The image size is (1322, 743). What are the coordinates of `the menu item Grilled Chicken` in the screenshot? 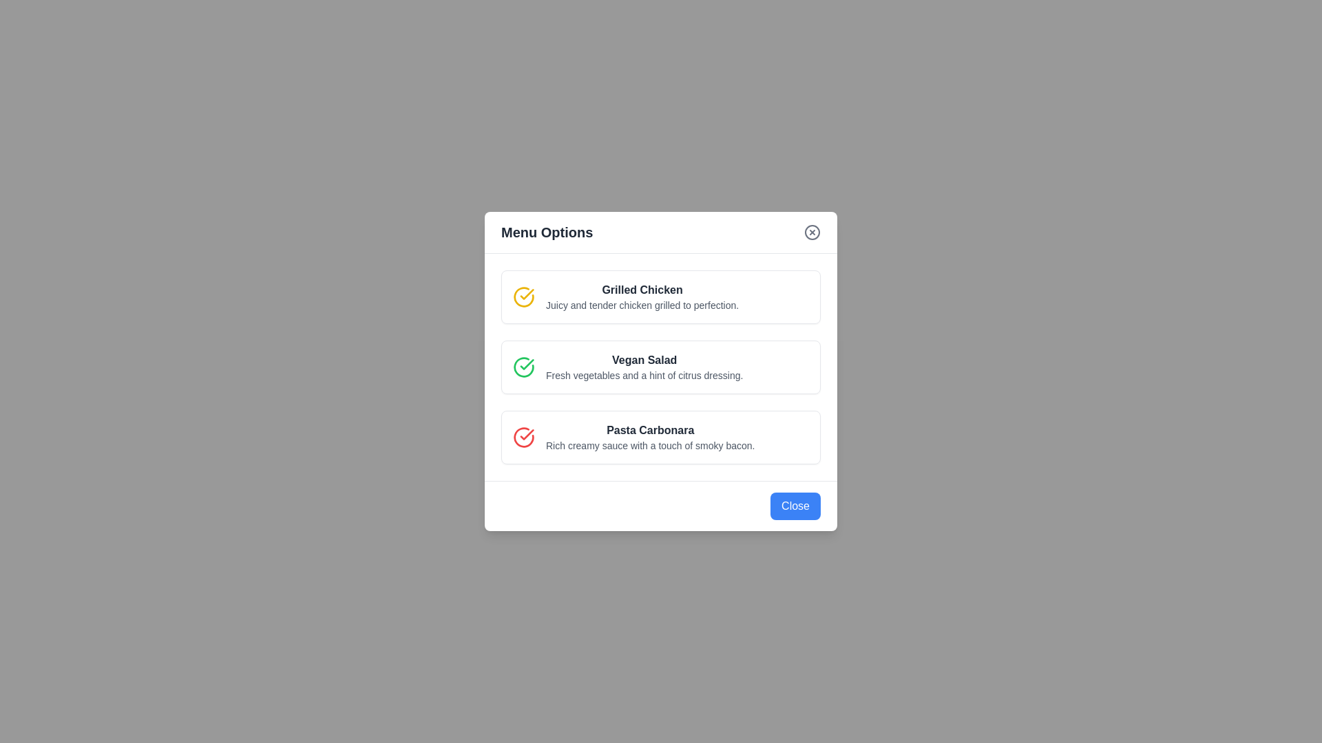 It's located at (661, 297).